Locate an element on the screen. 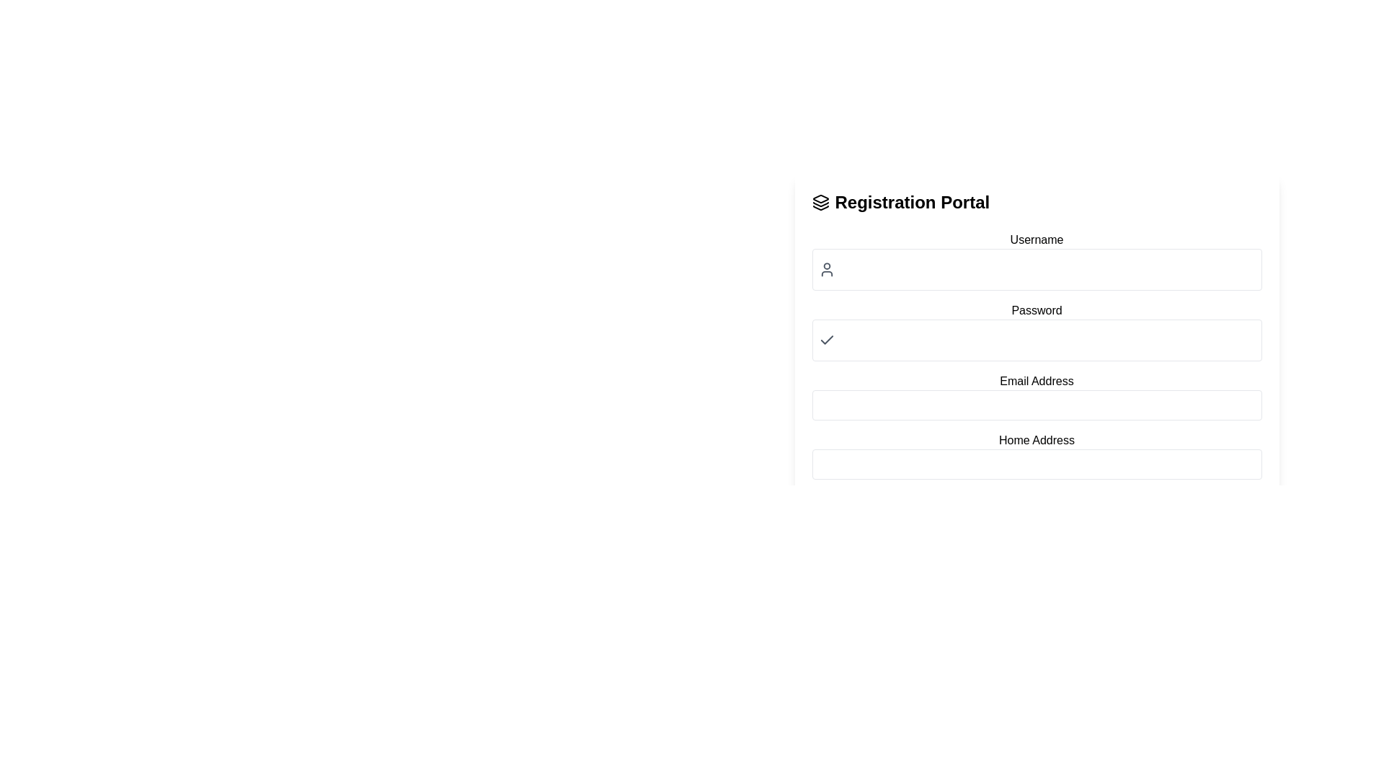 This screenshot has height=779, width=1384. the 'Email Address' text label, which is displayed in bold and medium-sized font is located at coordinates (1036, 380).